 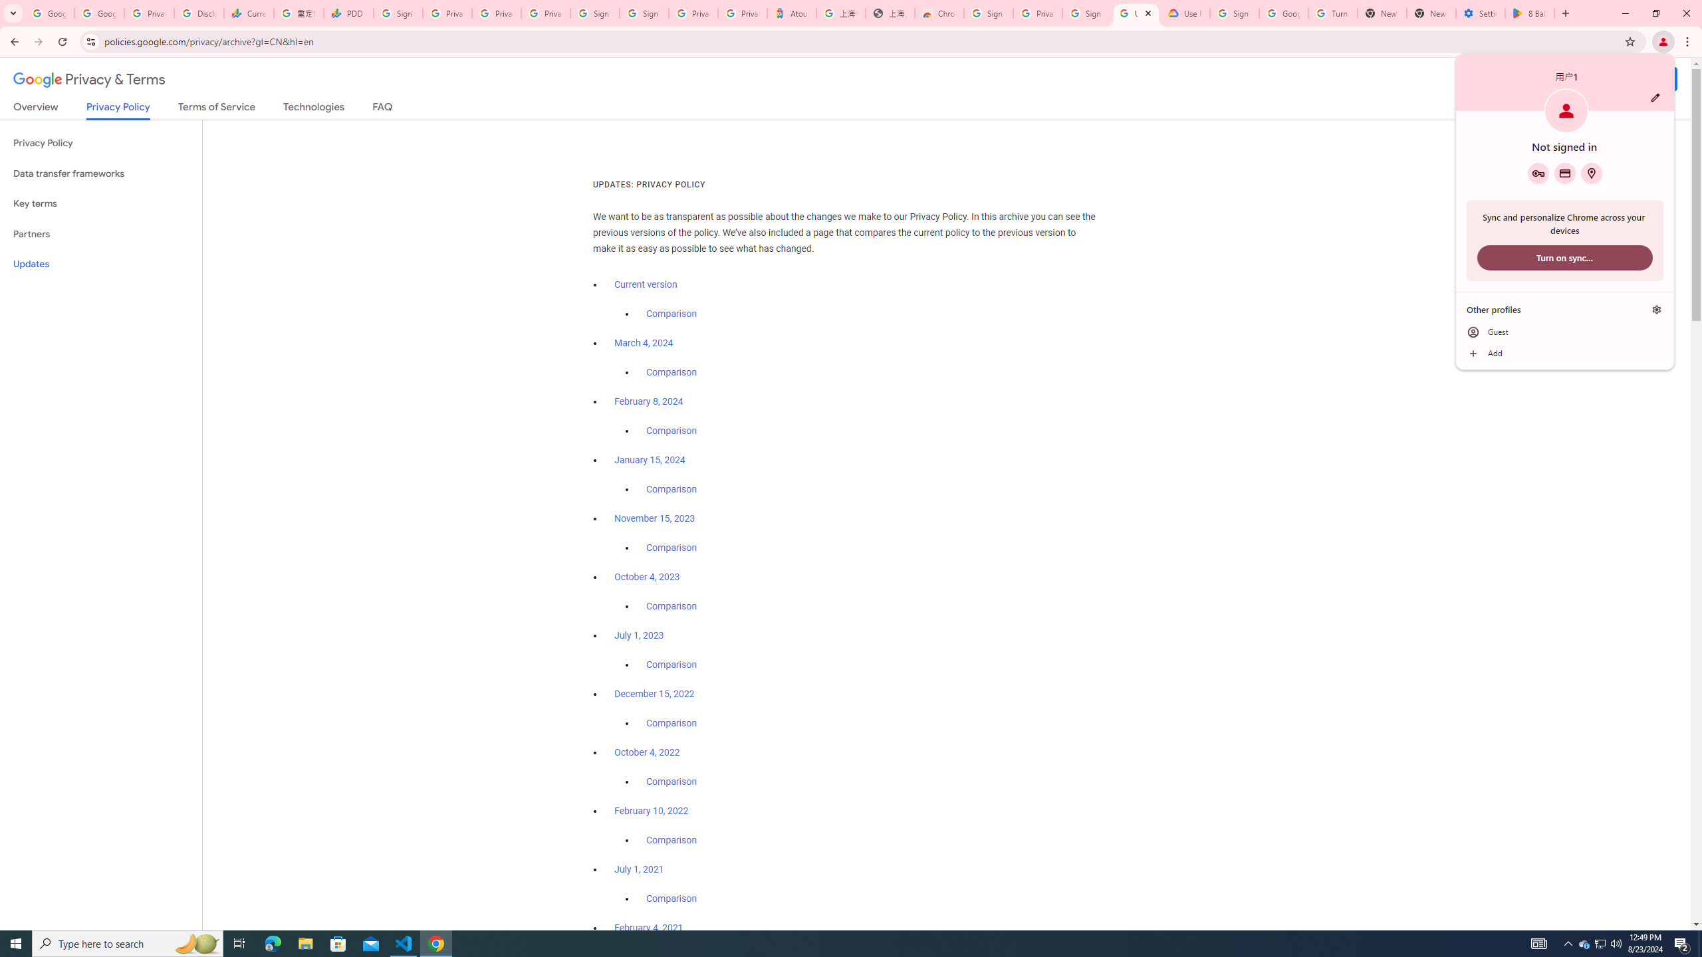 What do you see at coordinates (1539, 942) in the screenshot?
I see `'AutomationID: 4105'` at bounding box center [1539, 942].